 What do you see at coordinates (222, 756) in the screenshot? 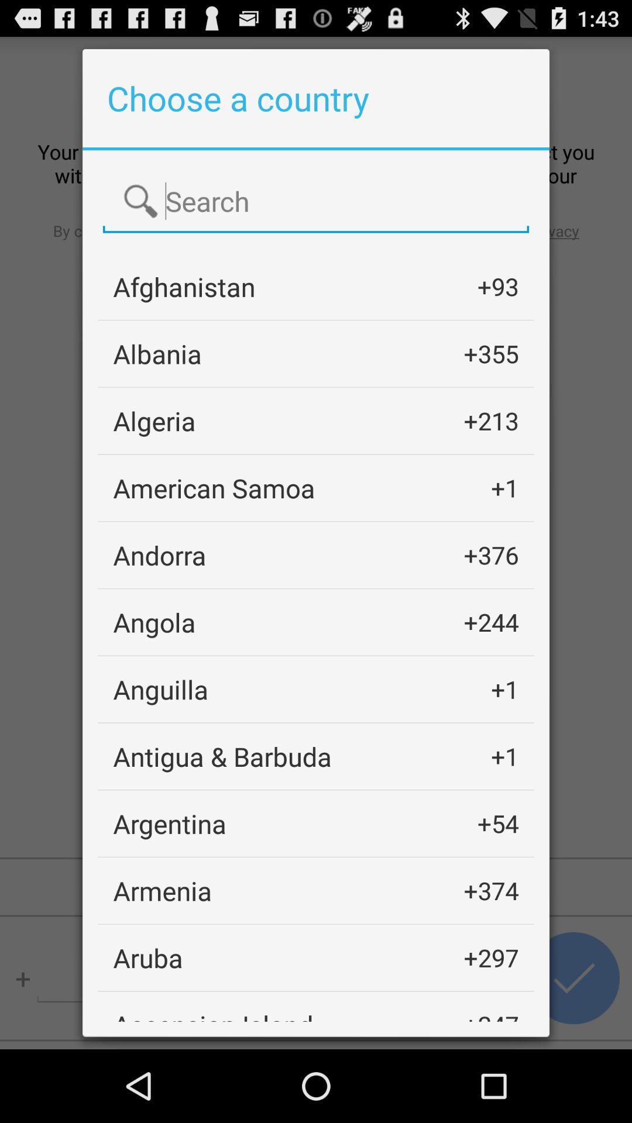
I see `the icon to the left of +1 item` at bounding box center [222, 756].